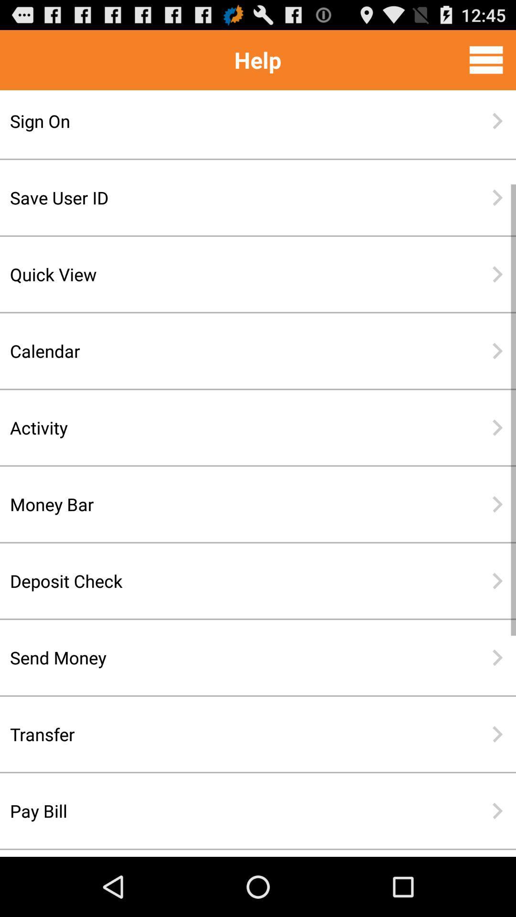  I want to click on the calendar icon, so click(227, 350).